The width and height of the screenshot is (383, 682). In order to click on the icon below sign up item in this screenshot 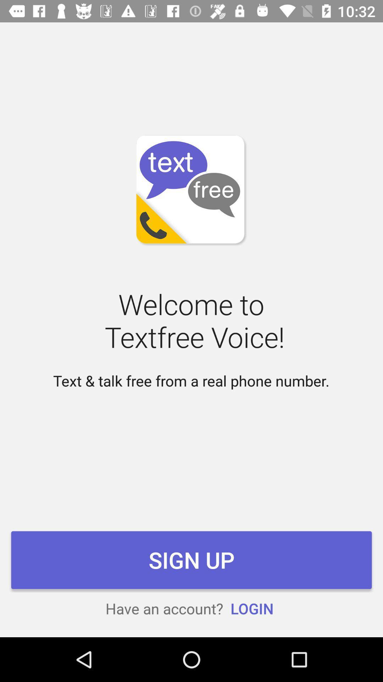, I will do `click(251, 608)`.